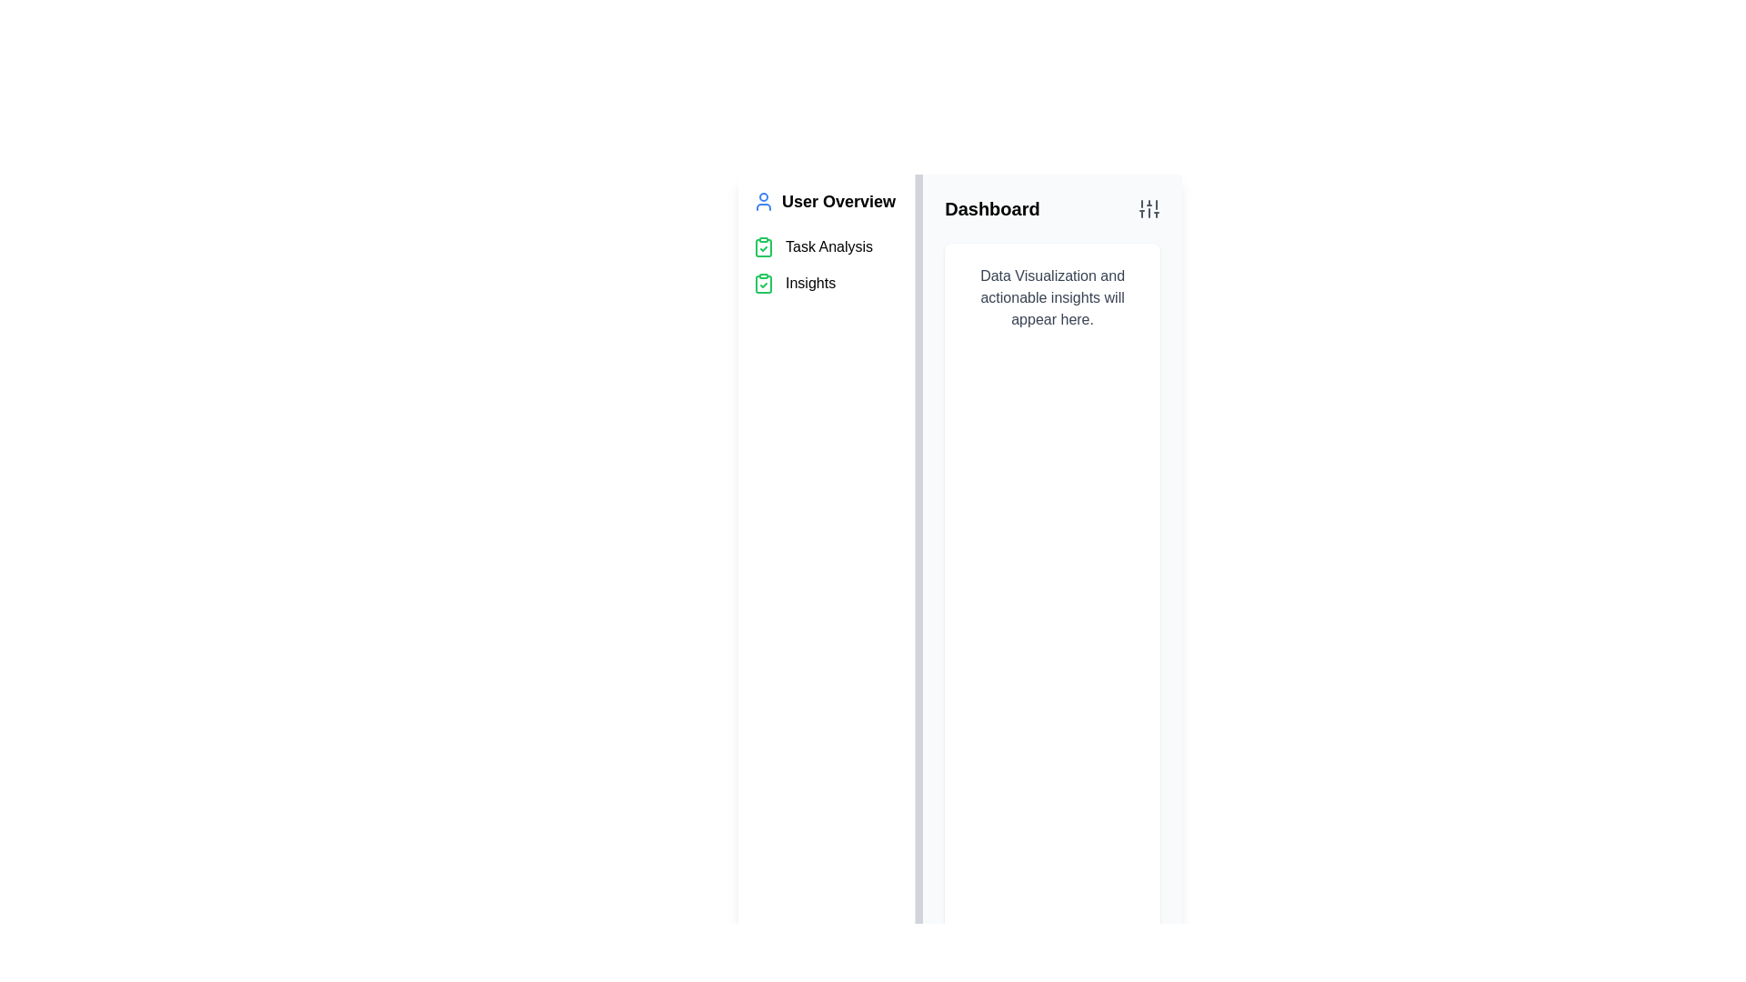 This screenshot has height=982, width=1746. What do you see at coordinates (764, 284) in the screenshot?
I see `the clipboard icon element located under the 'Insights' title in the vertical navigation bar, which is outlined by thin green lines and features a clip at the top` at bounding box center [764, 284].